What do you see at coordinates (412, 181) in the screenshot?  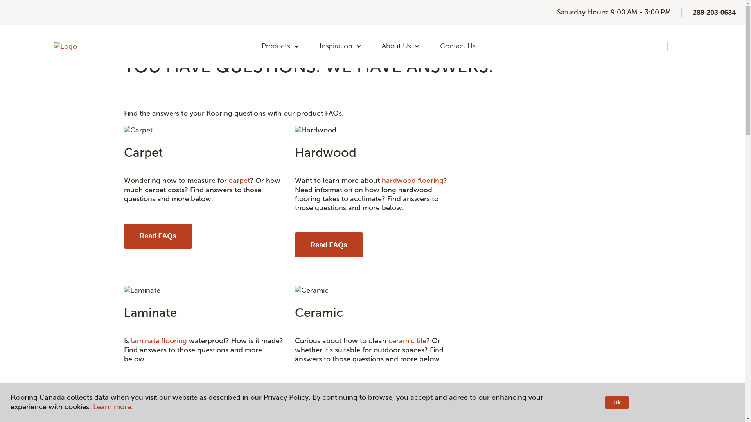 I see `'hardwood flooring'` at bounding box center [412, 181].